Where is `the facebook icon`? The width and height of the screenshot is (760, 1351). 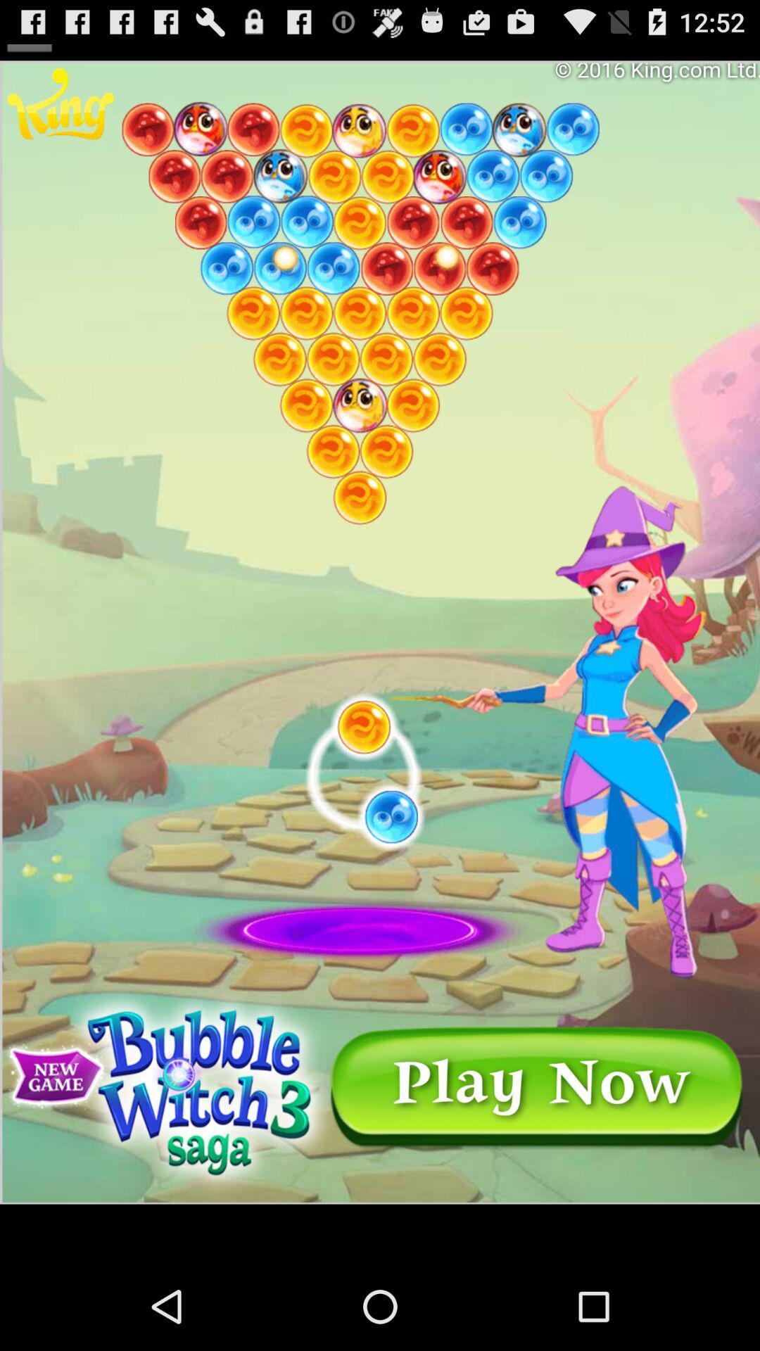 the facebook icon is located at coordinates (30, 31).